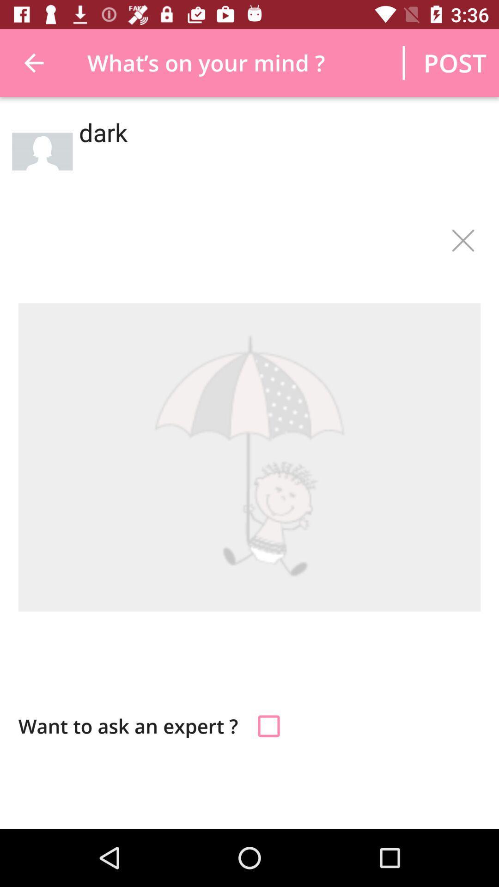 The width and height of the screenshot is (499, 887). Describe the element at coordinates (33, 62) in the screenshot. I see `icon next to the what s on` at that location.